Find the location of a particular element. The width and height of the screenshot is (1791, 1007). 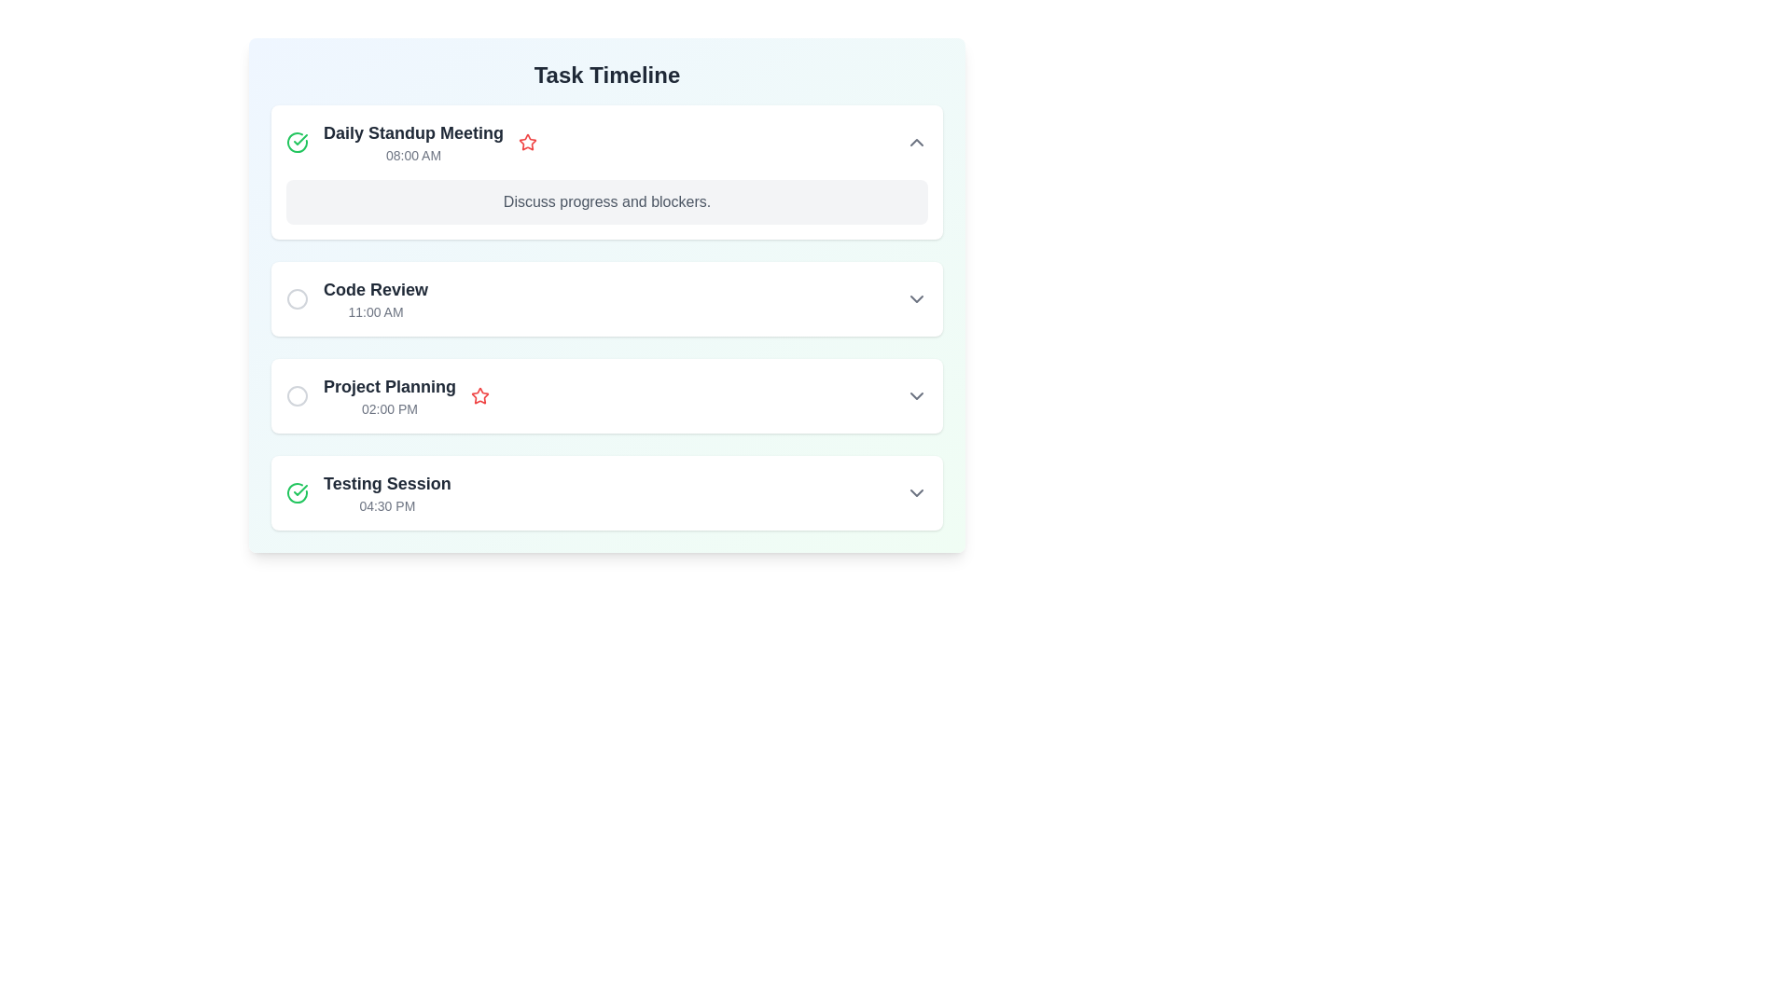

the downward-pointing chevron dropdown icon located at the far right of the 'Testing Session 04:30 PM' section is located at coordinates (917, 491).